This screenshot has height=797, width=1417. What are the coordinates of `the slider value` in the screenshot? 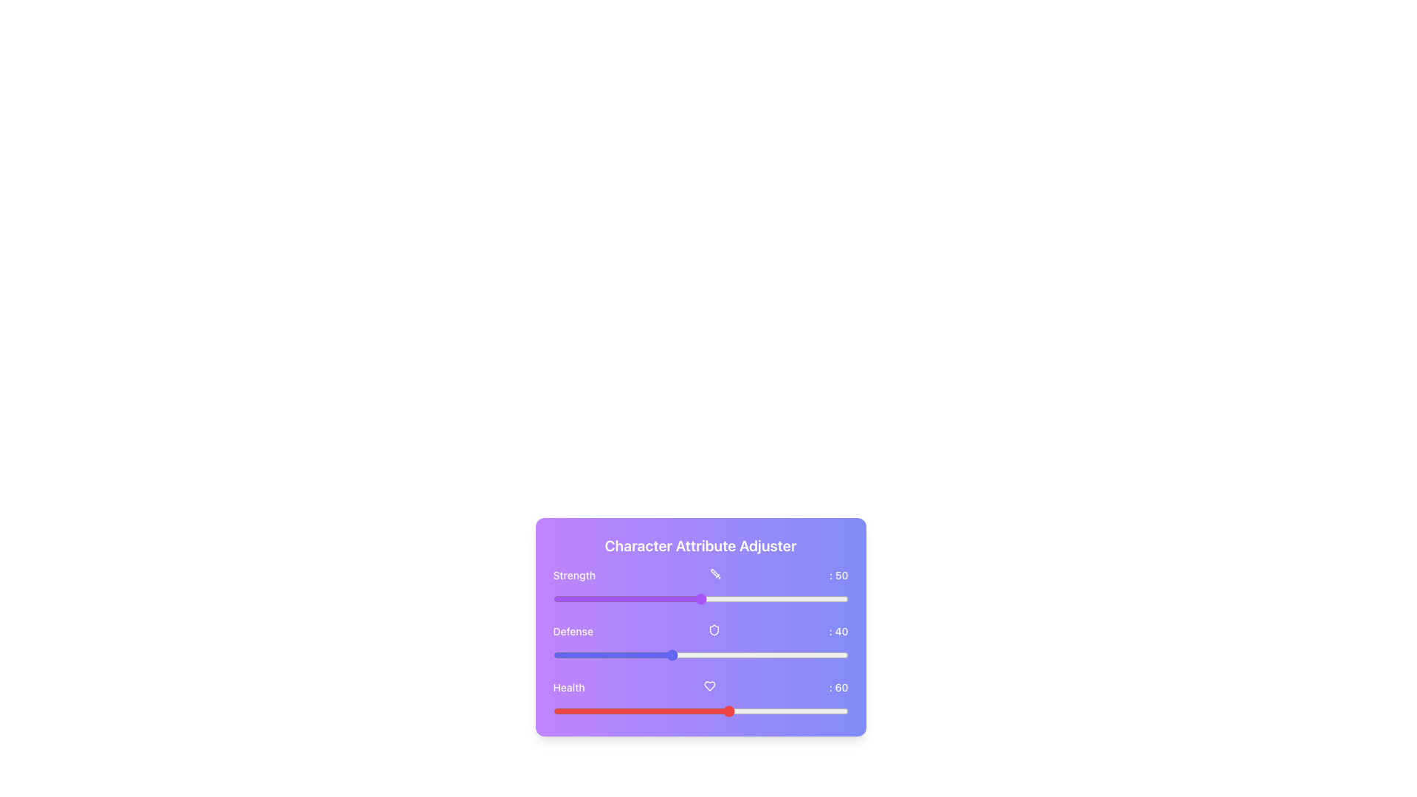 It's located at (797, 654).